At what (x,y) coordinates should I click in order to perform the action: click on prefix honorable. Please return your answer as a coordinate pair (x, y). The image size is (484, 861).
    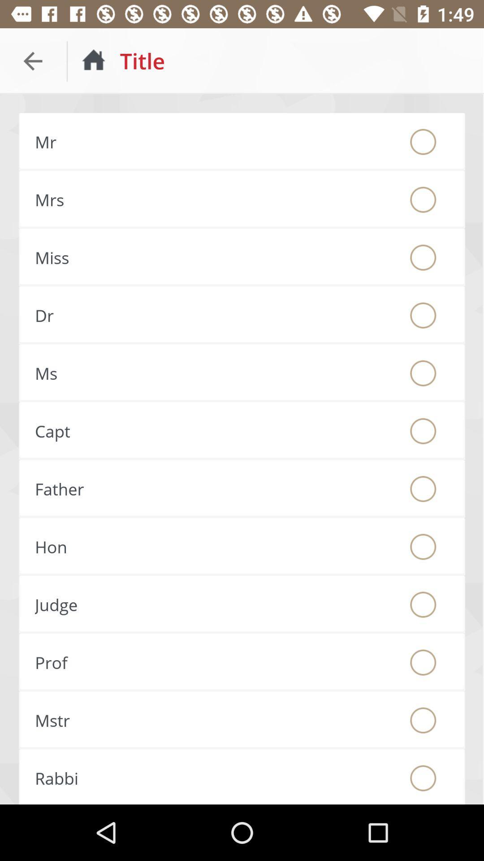
    Looking at the image, I should click on (423, 546).